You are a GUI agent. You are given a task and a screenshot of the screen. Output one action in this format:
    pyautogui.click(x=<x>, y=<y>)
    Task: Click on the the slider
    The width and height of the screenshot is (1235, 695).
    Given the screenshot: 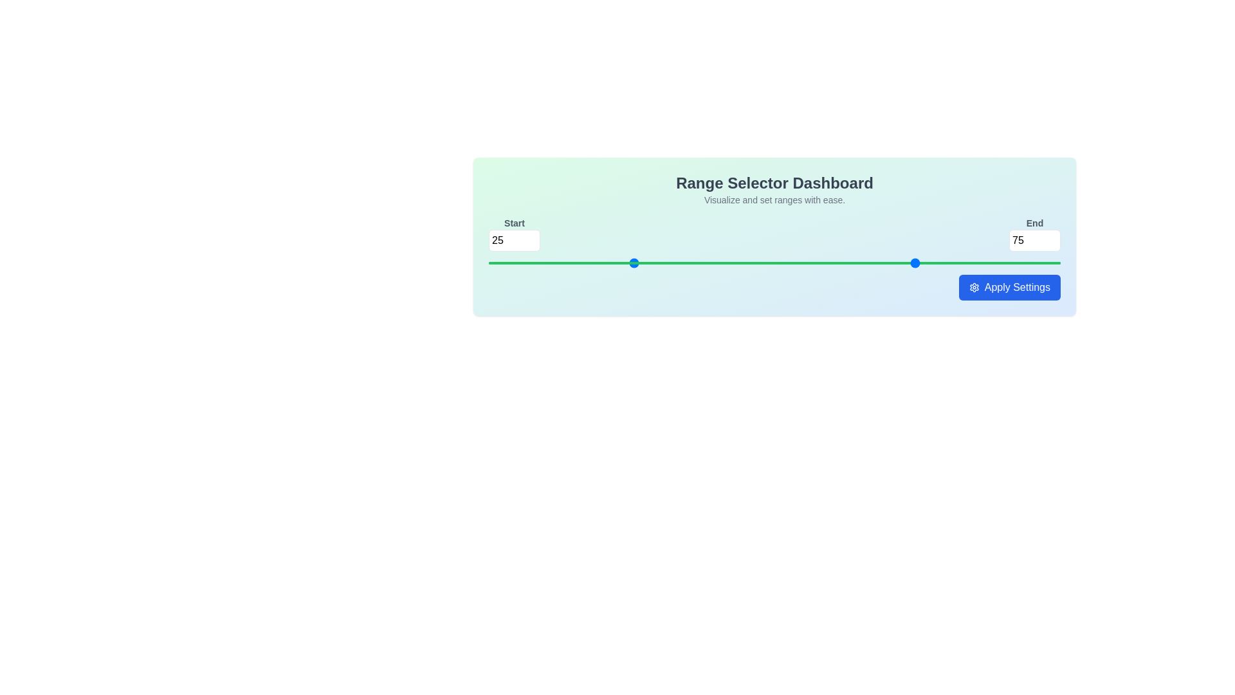 What is the action you would take?
    pyautogui.click(x=557, y=262)
    